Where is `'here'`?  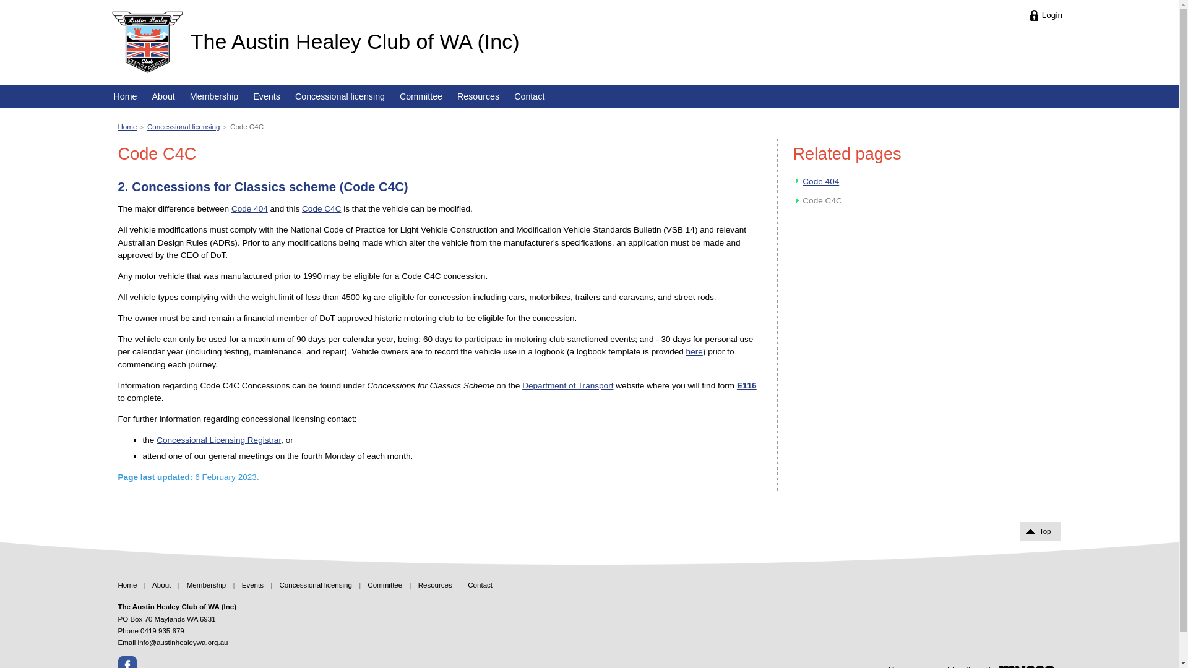
'here' is located at coordinates (694, 351).